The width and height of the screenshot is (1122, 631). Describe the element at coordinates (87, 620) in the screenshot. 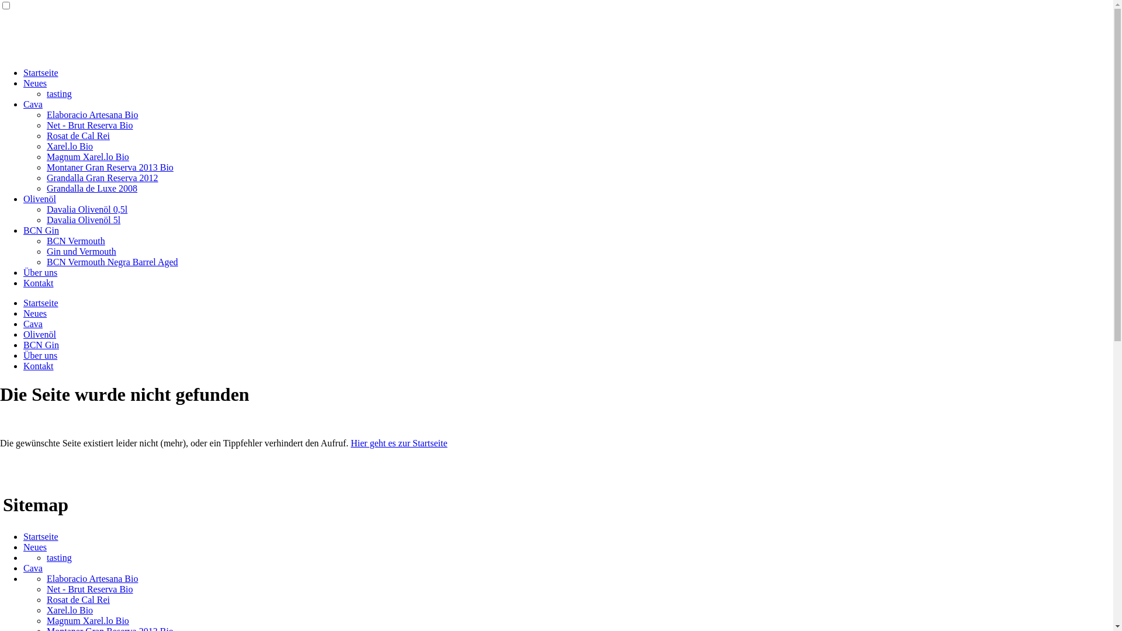

I see `'Magnum Xarel.lo Bio'` at that location.